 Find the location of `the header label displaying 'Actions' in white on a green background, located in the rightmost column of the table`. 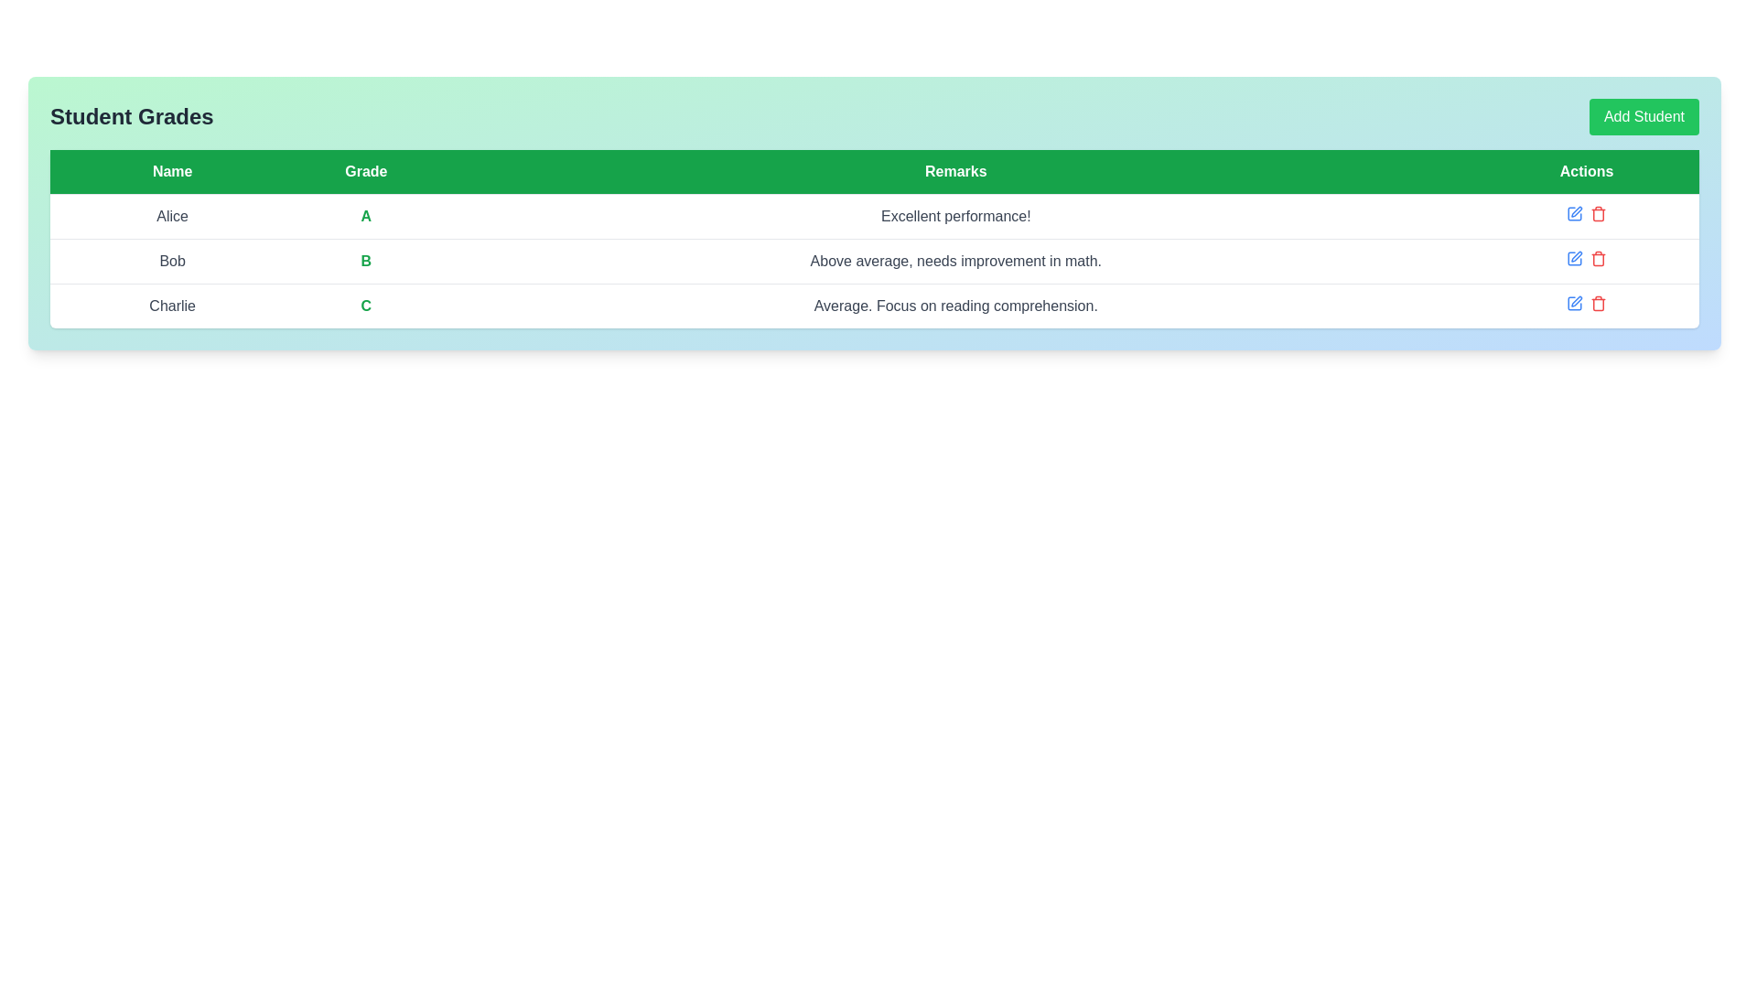

the header label displaying 'Actions' in white on a green background, located in the rightmost column of the table is located at coordinates (1586, 172).